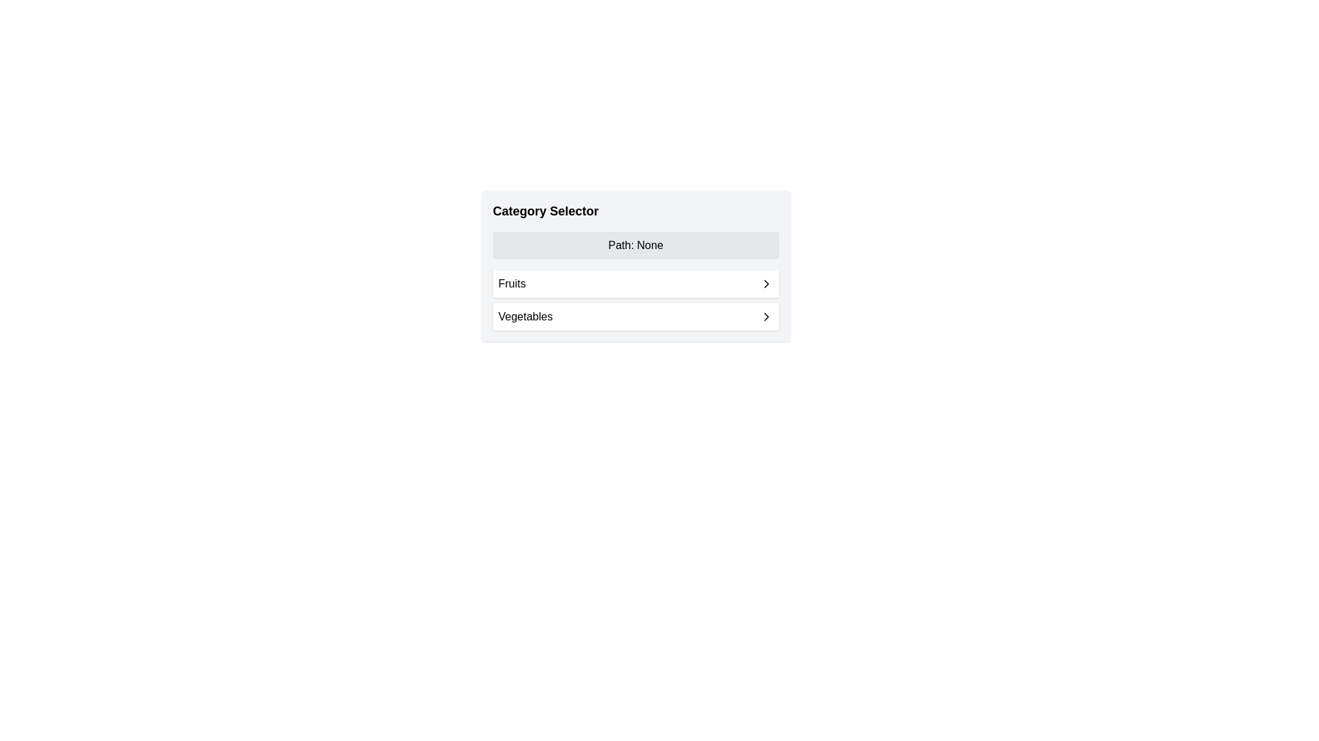  What do you see at coordinates (635, 317) in the screenshot?
I see `the 'Vegetables' button located under the 'Category Selector', which is the second button in the vertical list` at bounding box center [635, 317].